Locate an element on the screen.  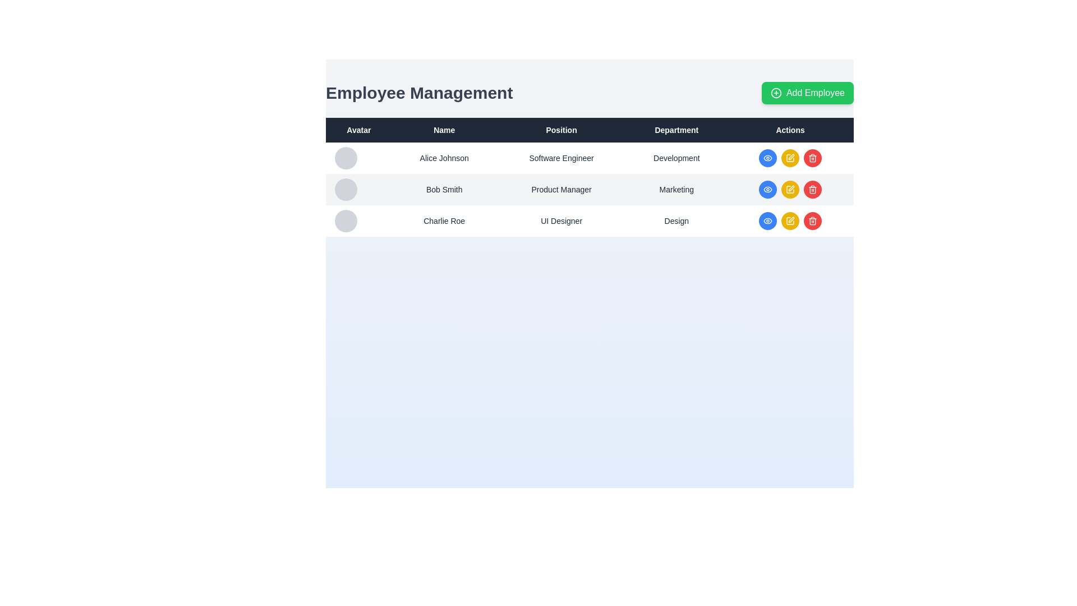
the delete button located in the 'Actions' column of the third row in the table to initiate a delete action is located at coordinates (813, 221).